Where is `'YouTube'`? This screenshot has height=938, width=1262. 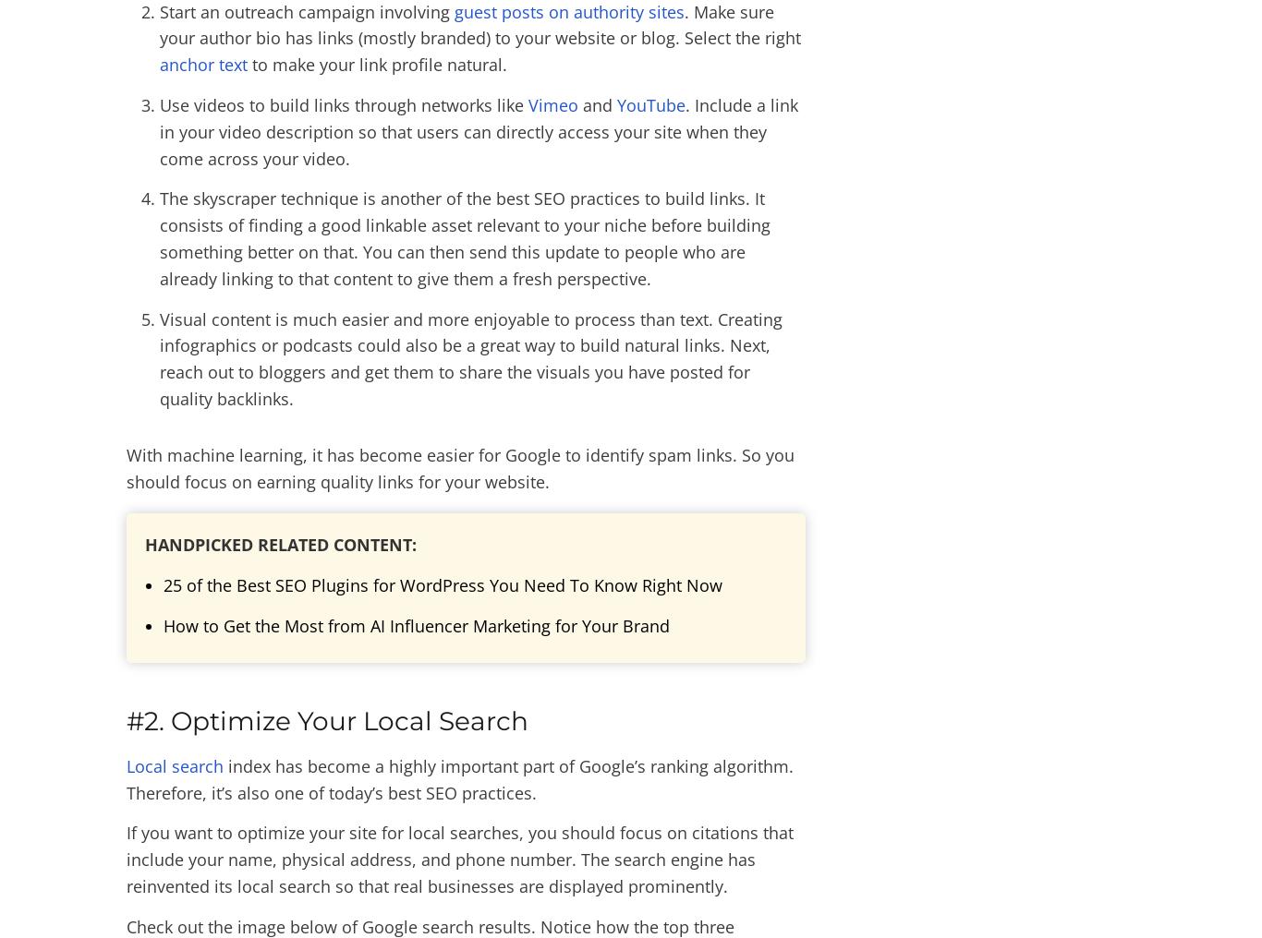
'YouTube' is located at coordinates (615, 104).